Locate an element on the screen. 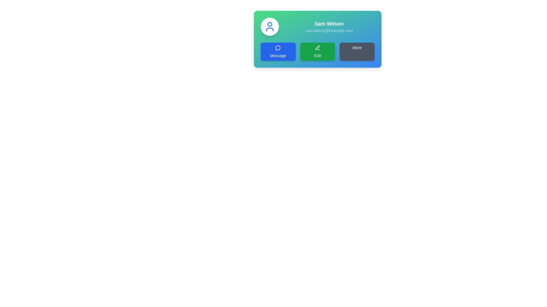 This screenshot has height=307, width=547. the green 'Edit' button with rounded corners featuring a pen icon, located between the blue 'Message' button and the gray 'More' button is located at coordinates (317, 51).